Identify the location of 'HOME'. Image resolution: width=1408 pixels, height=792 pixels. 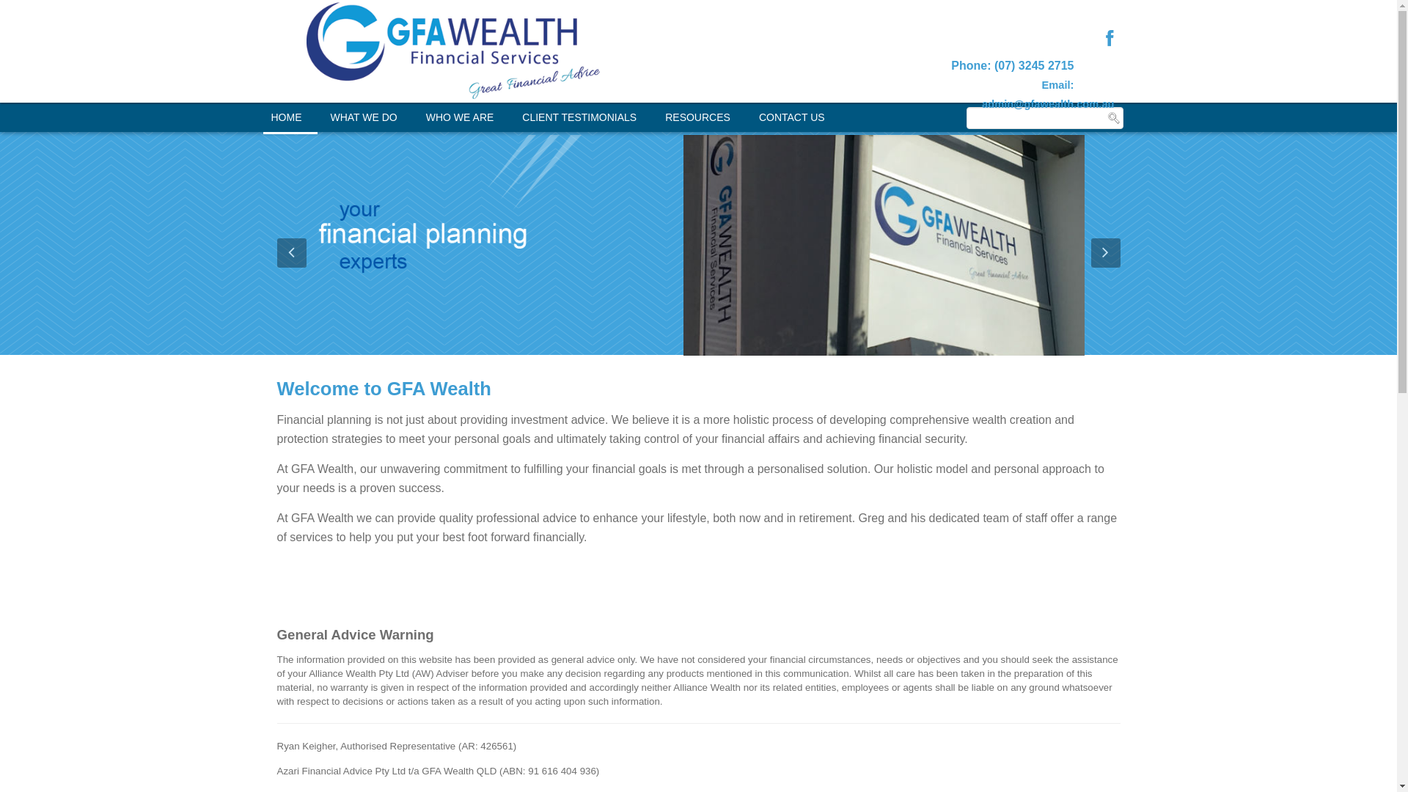
(286, 116).